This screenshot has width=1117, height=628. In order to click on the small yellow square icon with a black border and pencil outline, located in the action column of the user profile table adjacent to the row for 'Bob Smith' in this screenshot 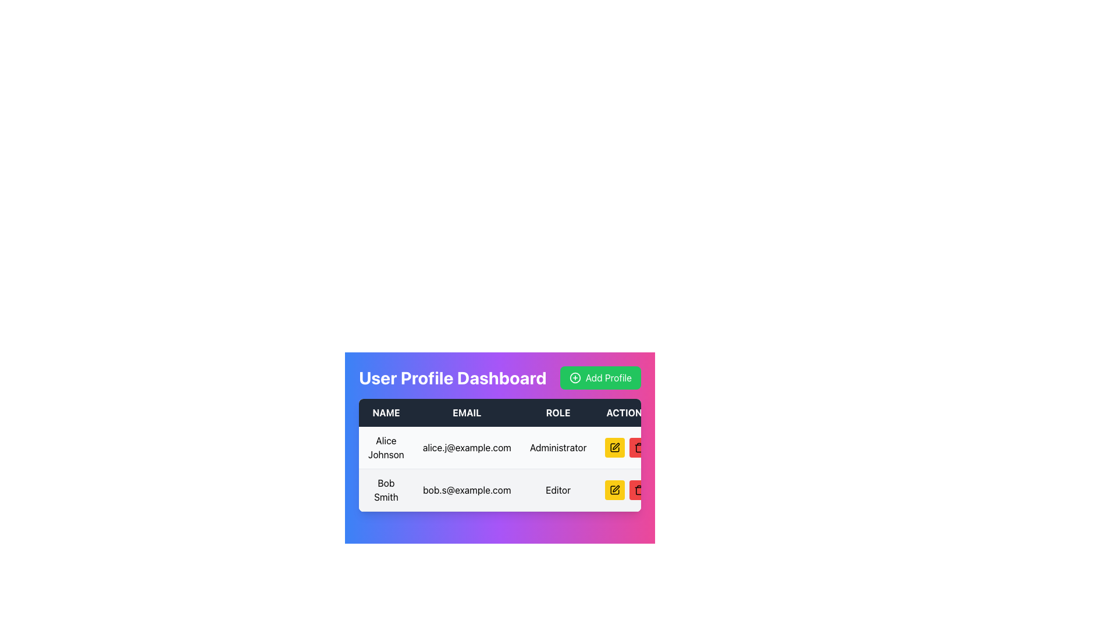, I will do `click(614, 490)`.